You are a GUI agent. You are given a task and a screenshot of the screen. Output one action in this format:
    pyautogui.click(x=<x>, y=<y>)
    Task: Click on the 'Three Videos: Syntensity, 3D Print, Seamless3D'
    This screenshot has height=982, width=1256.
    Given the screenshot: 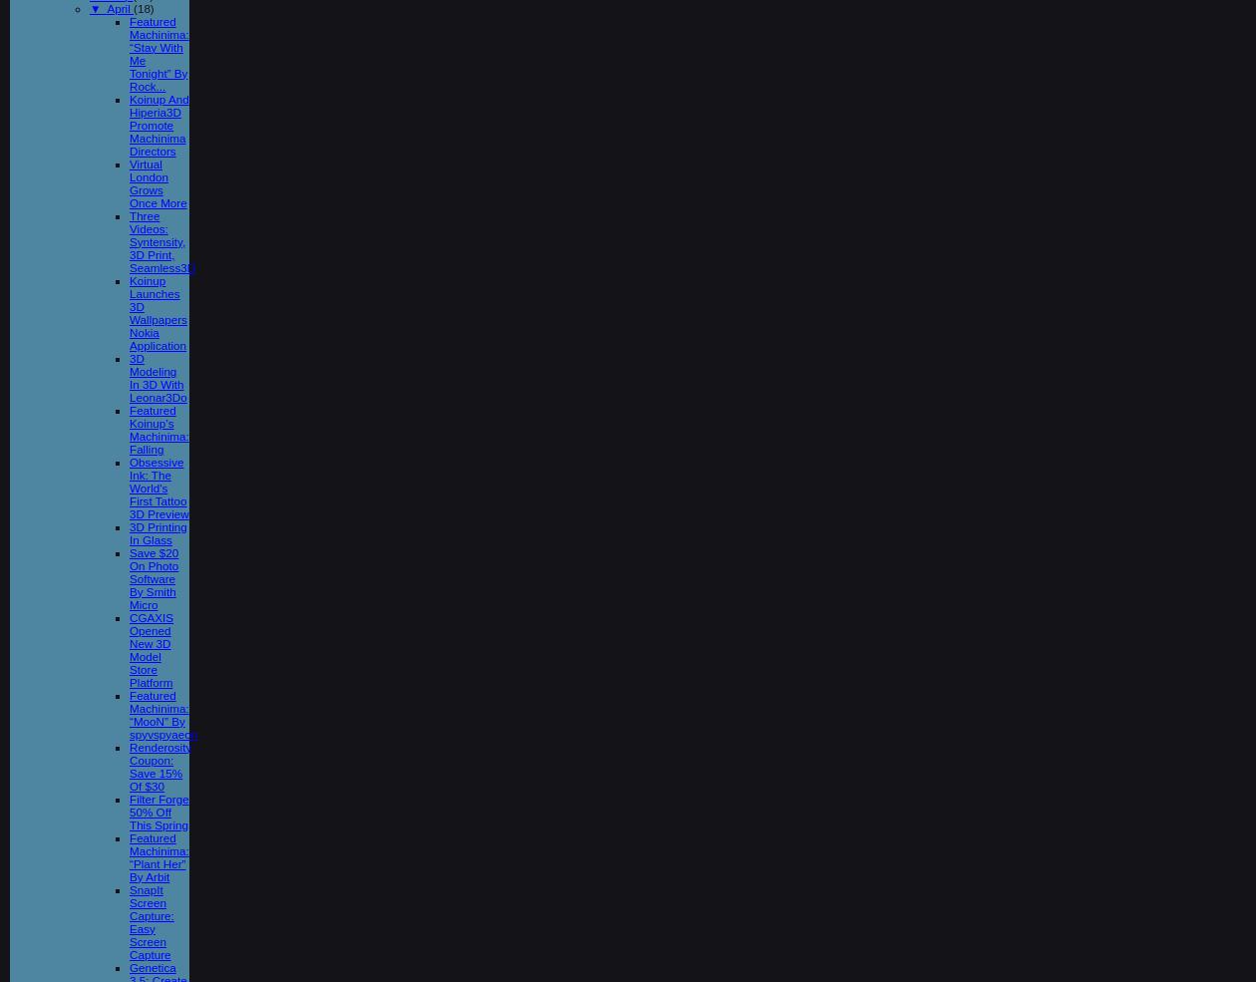 What is the action you would take?
    pyautogui.click(x=162, y=239)
    